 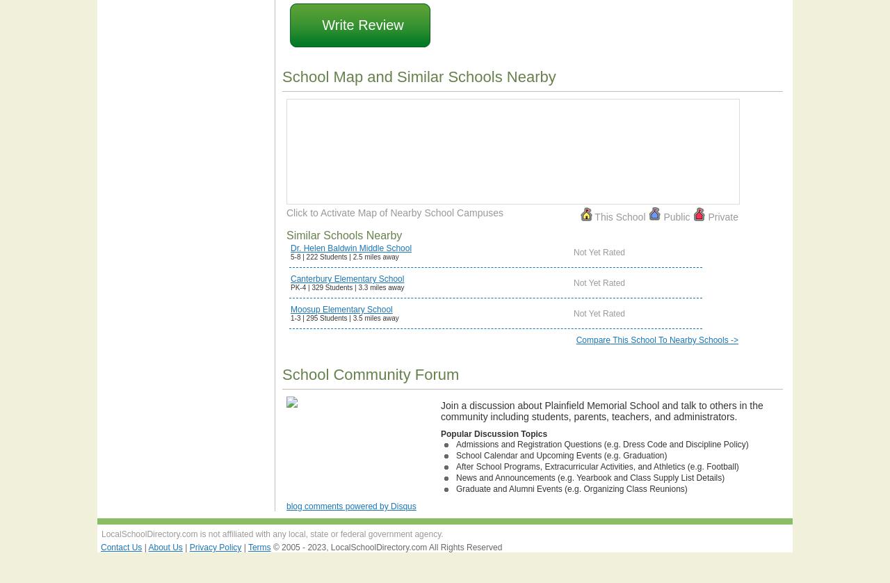 I want to click on 'Admissions and Registration Questions (e.g. Dress Code and Discipline Policy)', so click(x=602, y=443).